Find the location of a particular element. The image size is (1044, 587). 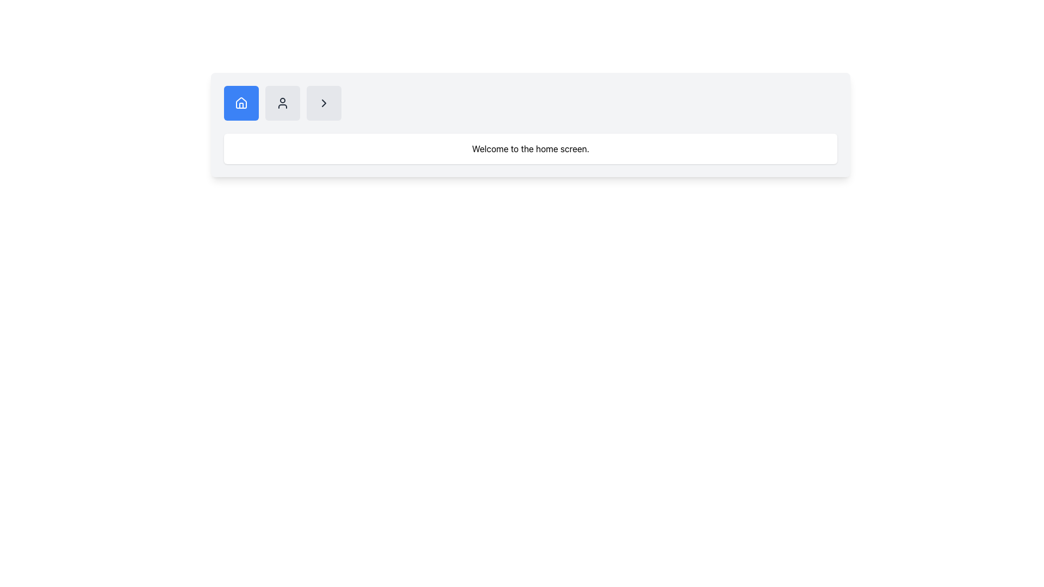

the square button with rounded corners and a solid blue background that has a white house icon, located in the top-left corner of a horizontal group of buttons is located at coordinates (241, 103).